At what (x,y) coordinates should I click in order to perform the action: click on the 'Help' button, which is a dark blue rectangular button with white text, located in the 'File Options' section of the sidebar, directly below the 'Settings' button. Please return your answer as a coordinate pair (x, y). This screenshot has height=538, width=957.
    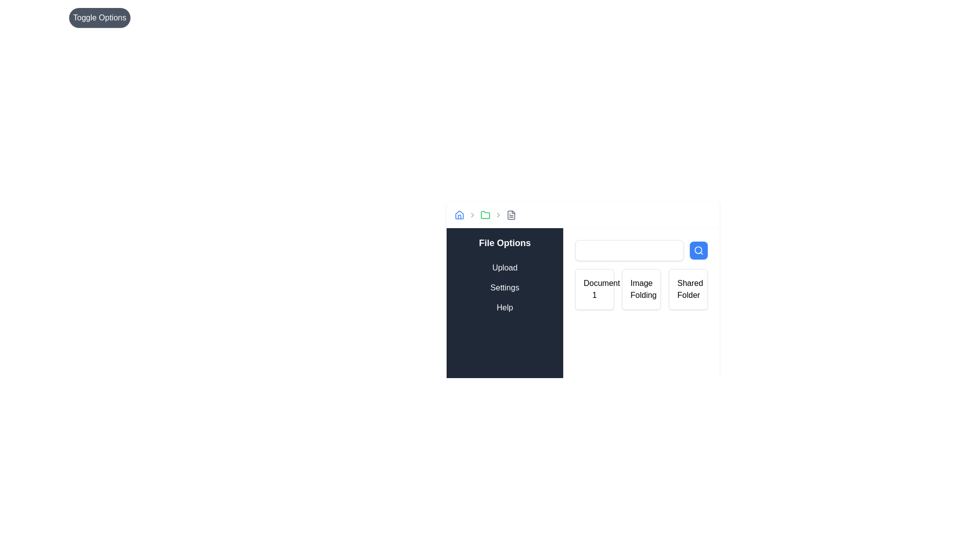
    Looking at the image, I should click on (504, 307).